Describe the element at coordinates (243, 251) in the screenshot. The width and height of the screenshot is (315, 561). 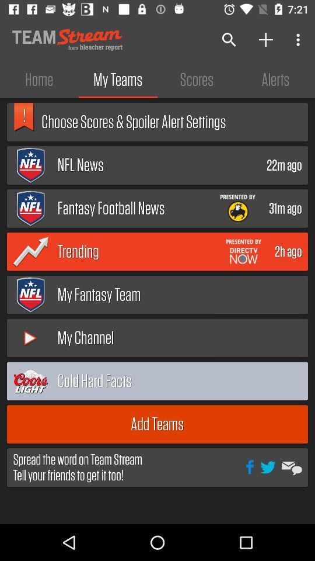
I see `directv now` at that location.